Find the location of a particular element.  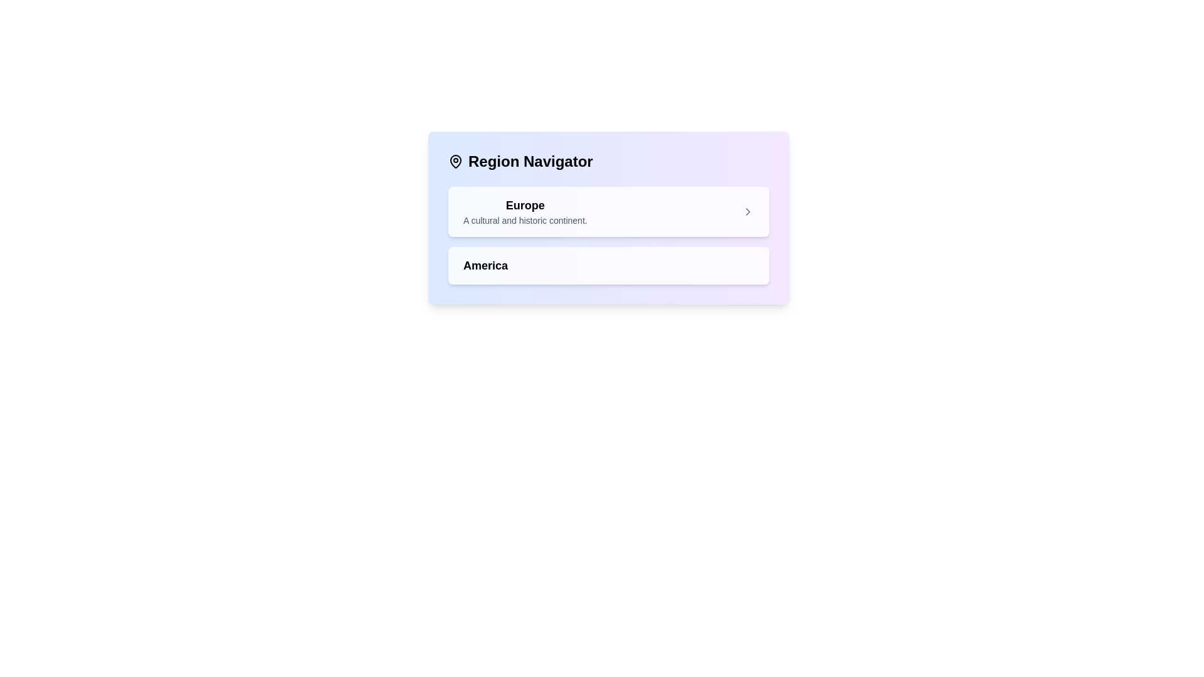

the List item labeled 'Europe' in the 'Region Navigator' section is located at coordinates (608, 235).